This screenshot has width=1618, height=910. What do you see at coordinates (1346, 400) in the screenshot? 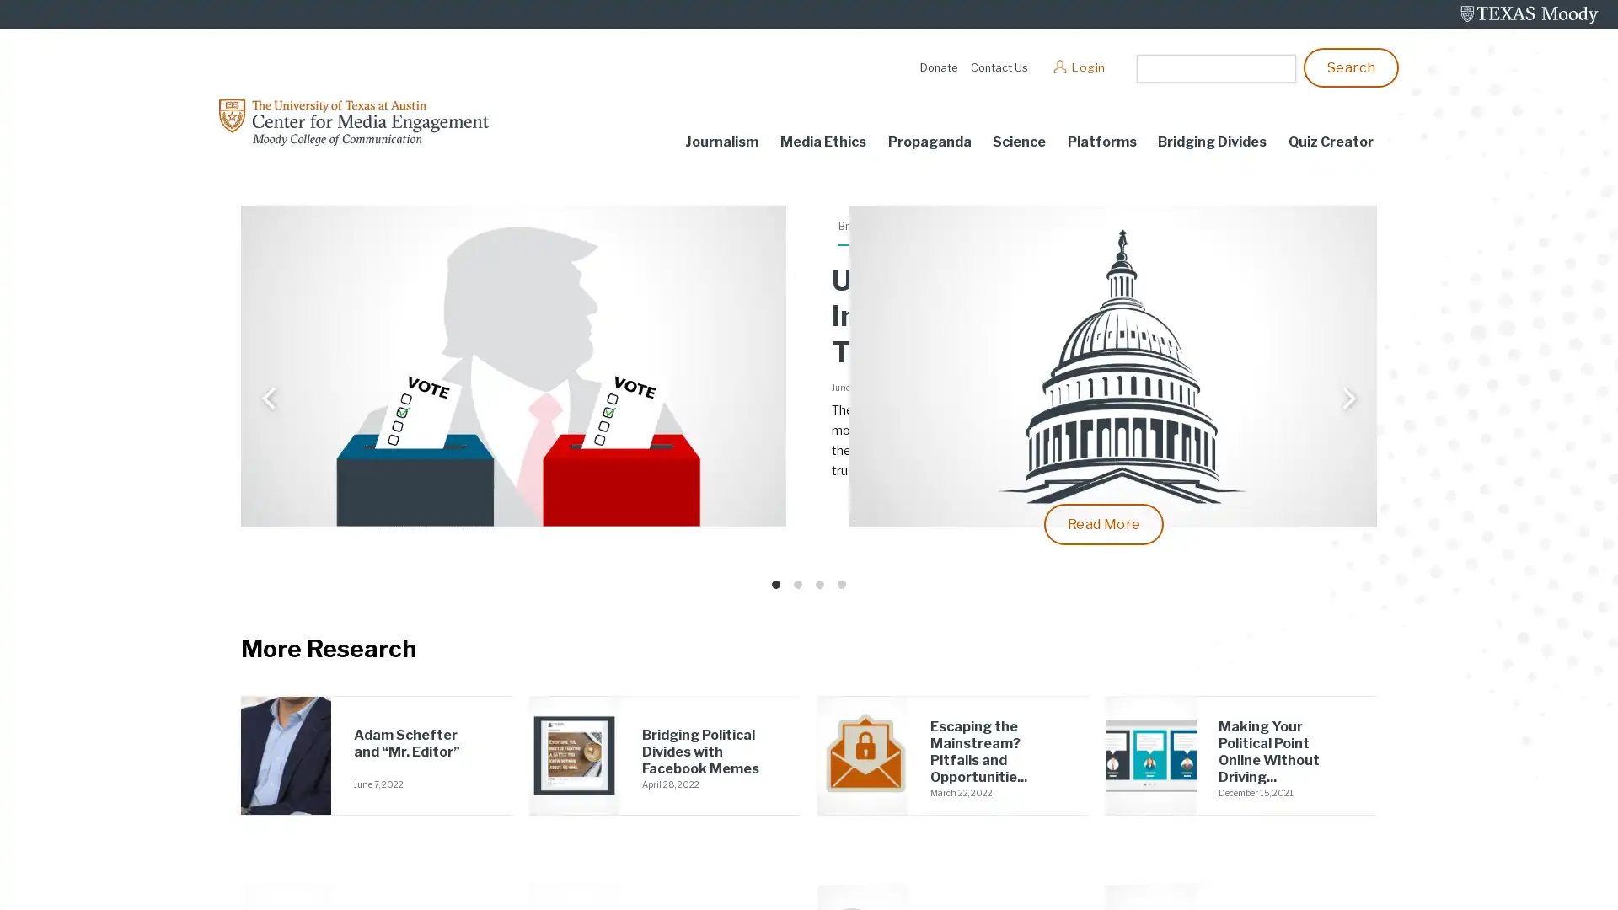
I see `Next` at bounding box center [1346, 400].